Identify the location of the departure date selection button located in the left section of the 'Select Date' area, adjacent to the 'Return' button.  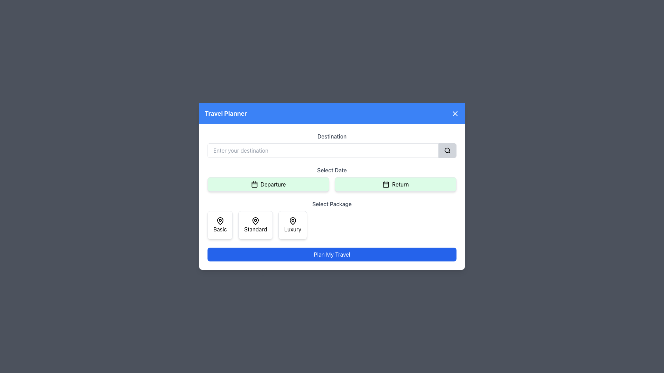
(268, 184).